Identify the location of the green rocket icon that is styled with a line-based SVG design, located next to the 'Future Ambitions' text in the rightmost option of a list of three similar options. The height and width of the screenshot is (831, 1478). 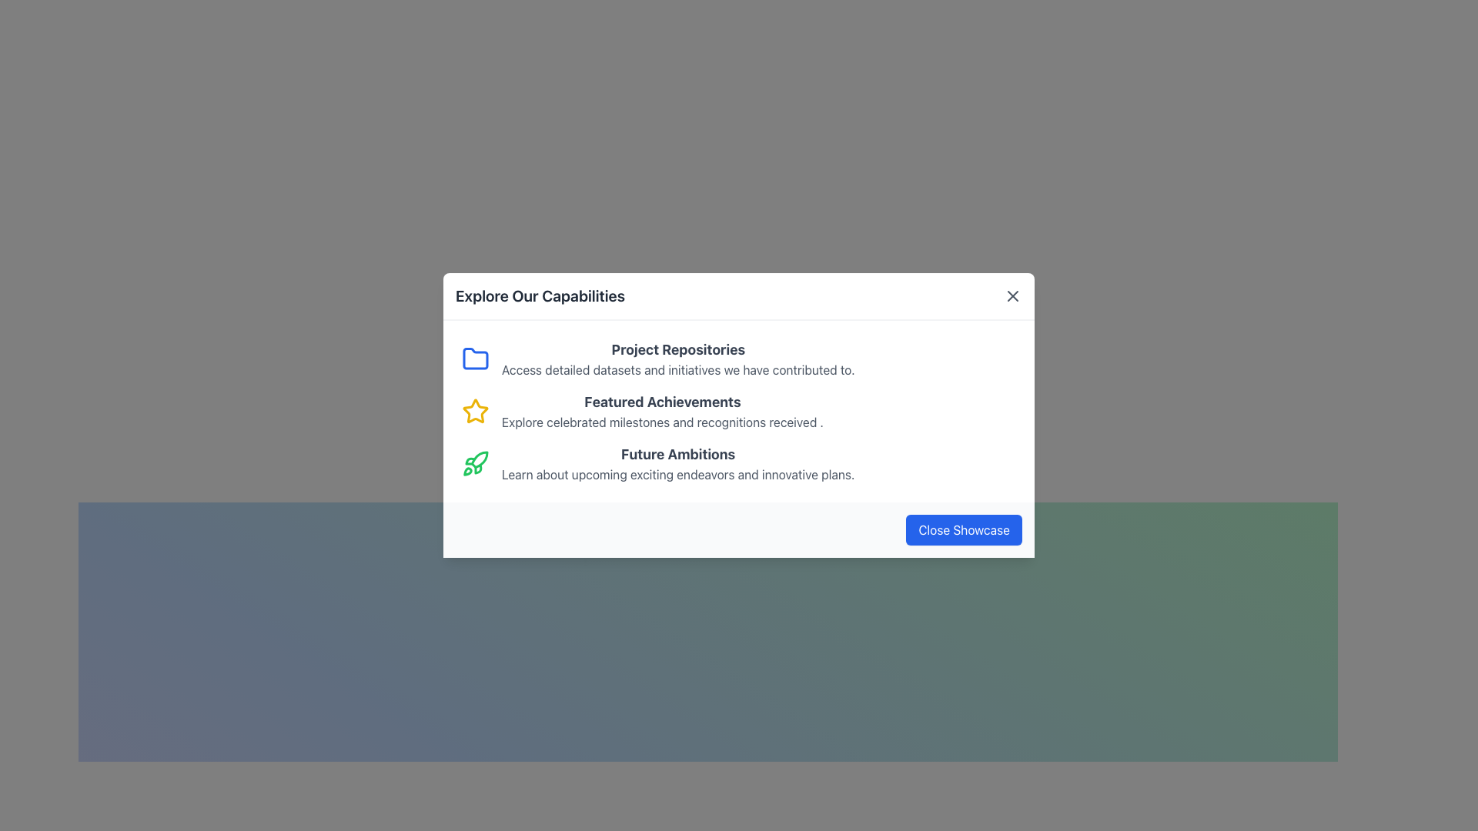
(475, 462).